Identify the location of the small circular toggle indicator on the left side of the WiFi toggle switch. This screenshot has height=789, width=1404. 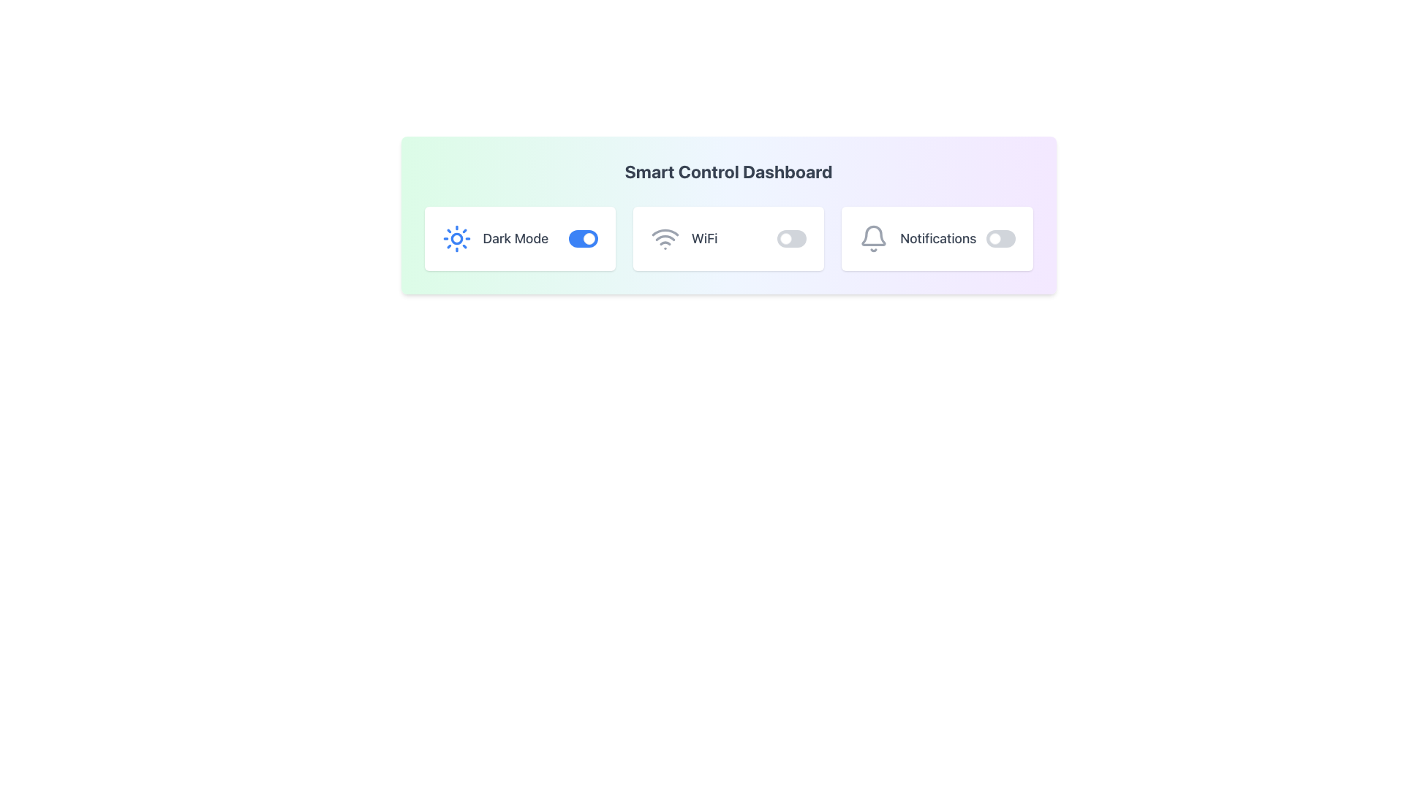
(785, 238).